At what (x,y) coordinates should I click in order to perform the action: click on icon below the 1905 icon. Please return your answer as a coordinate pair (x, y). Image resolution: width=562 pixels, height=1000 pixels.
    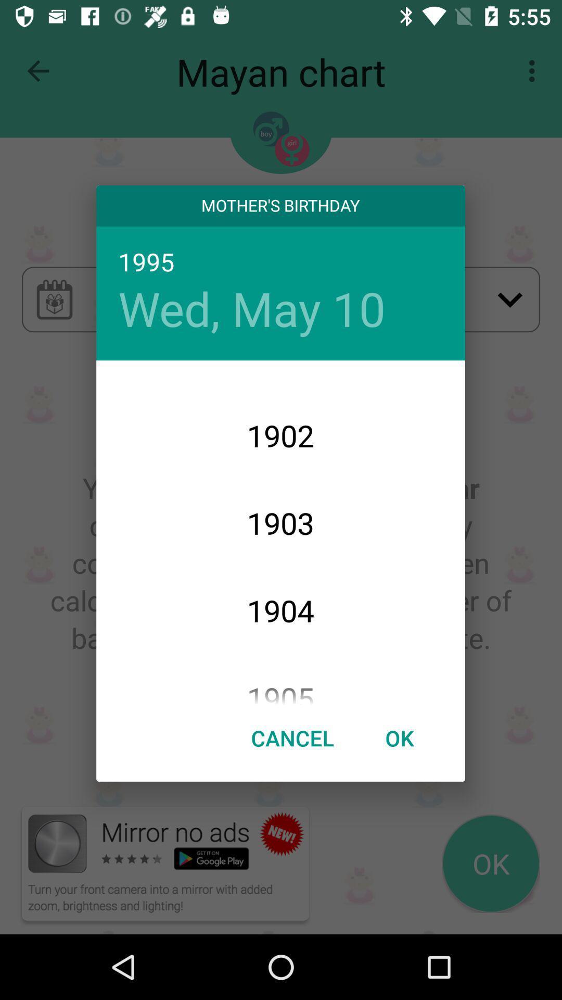
    Looking at the image, I should click on (292, 737).